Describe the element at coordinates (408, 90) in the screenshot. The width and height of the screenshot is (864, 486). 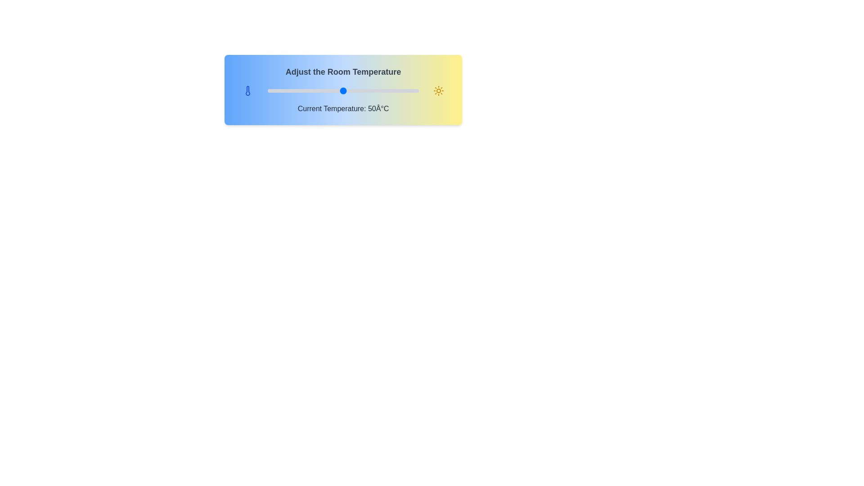
I see `the temperature slider to 93°C` at that location.